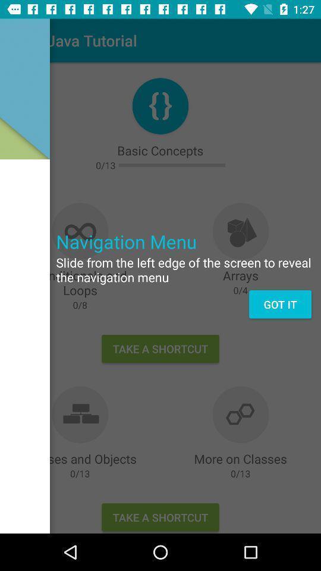  Describe the element at coordinates (280, 303) in the screenshot. I see `the got it item` at that location.